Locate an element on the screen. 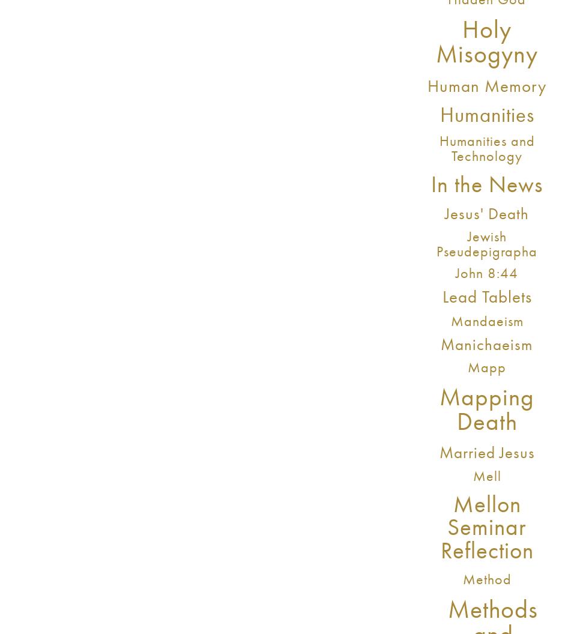 The width and height of the screenshot is (574, 634). 'Lead Tablets' is located at coordinates (486, 295).